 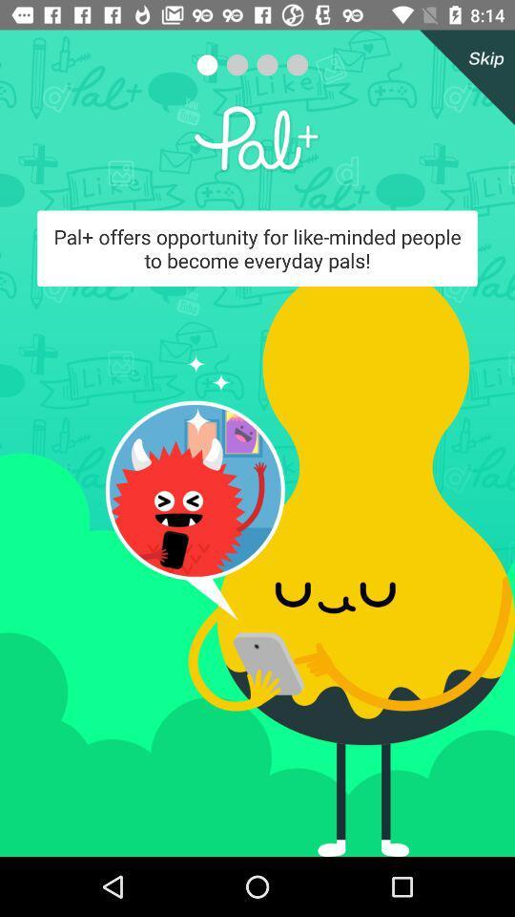 I want to click on icon above pal offers opportunity, so click(x=463, y=77).